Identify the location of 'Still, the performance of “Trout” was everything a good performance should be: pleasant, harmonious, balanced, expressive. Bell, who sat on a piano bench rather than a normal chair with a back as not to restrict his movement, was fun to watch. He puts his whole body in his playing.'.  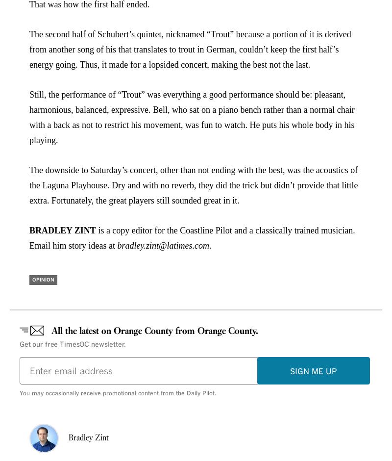
(191, 117).